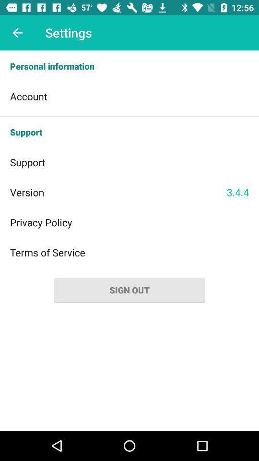  Describe the element at coordinates (237, 192) in the screenshot. I see `the item on the right` at that location.